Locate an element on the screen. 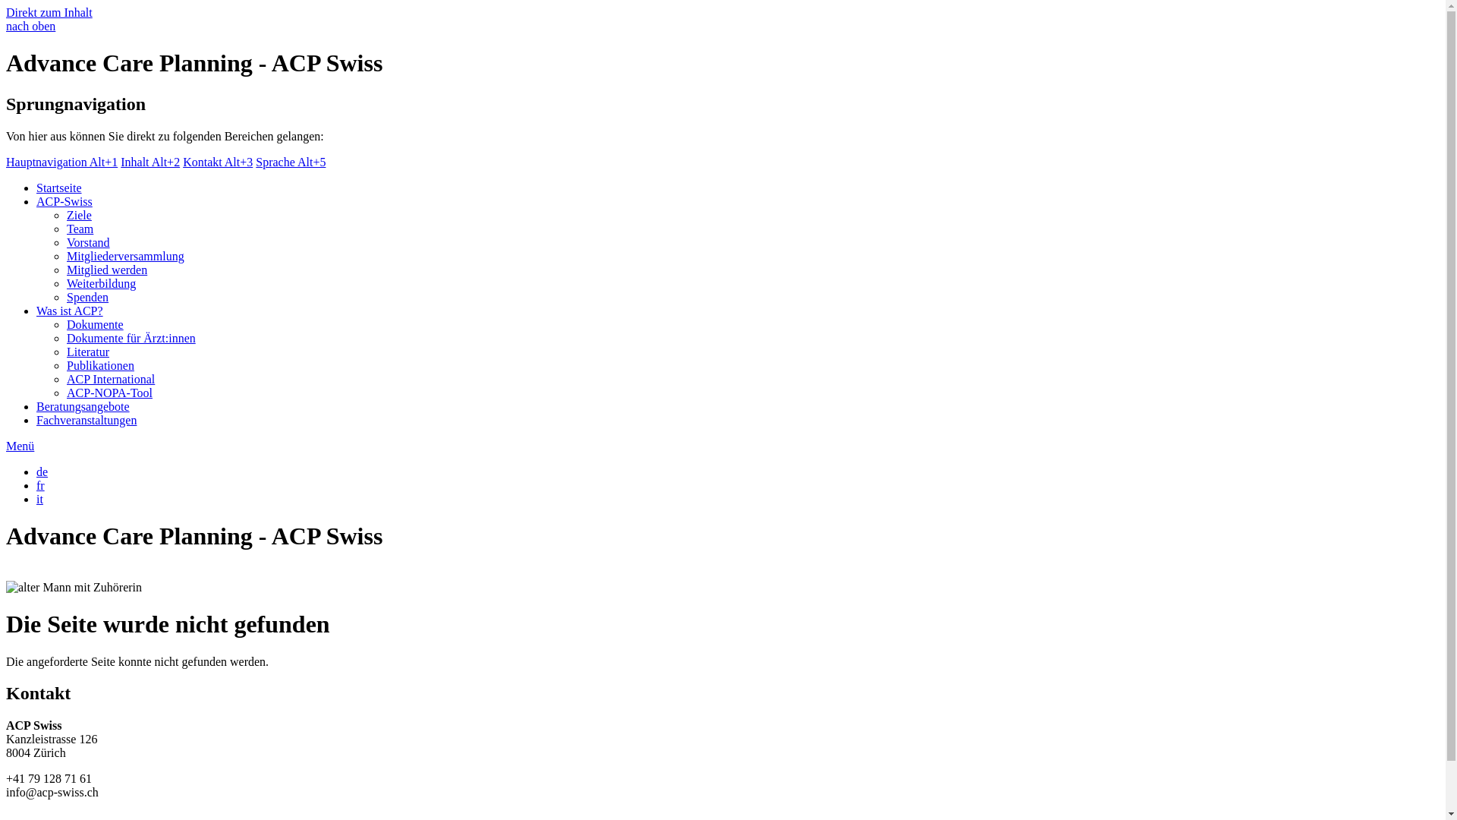 This screenshot has height=820, width=1457. 'Vorstand' is located at coordinates (87, 241).